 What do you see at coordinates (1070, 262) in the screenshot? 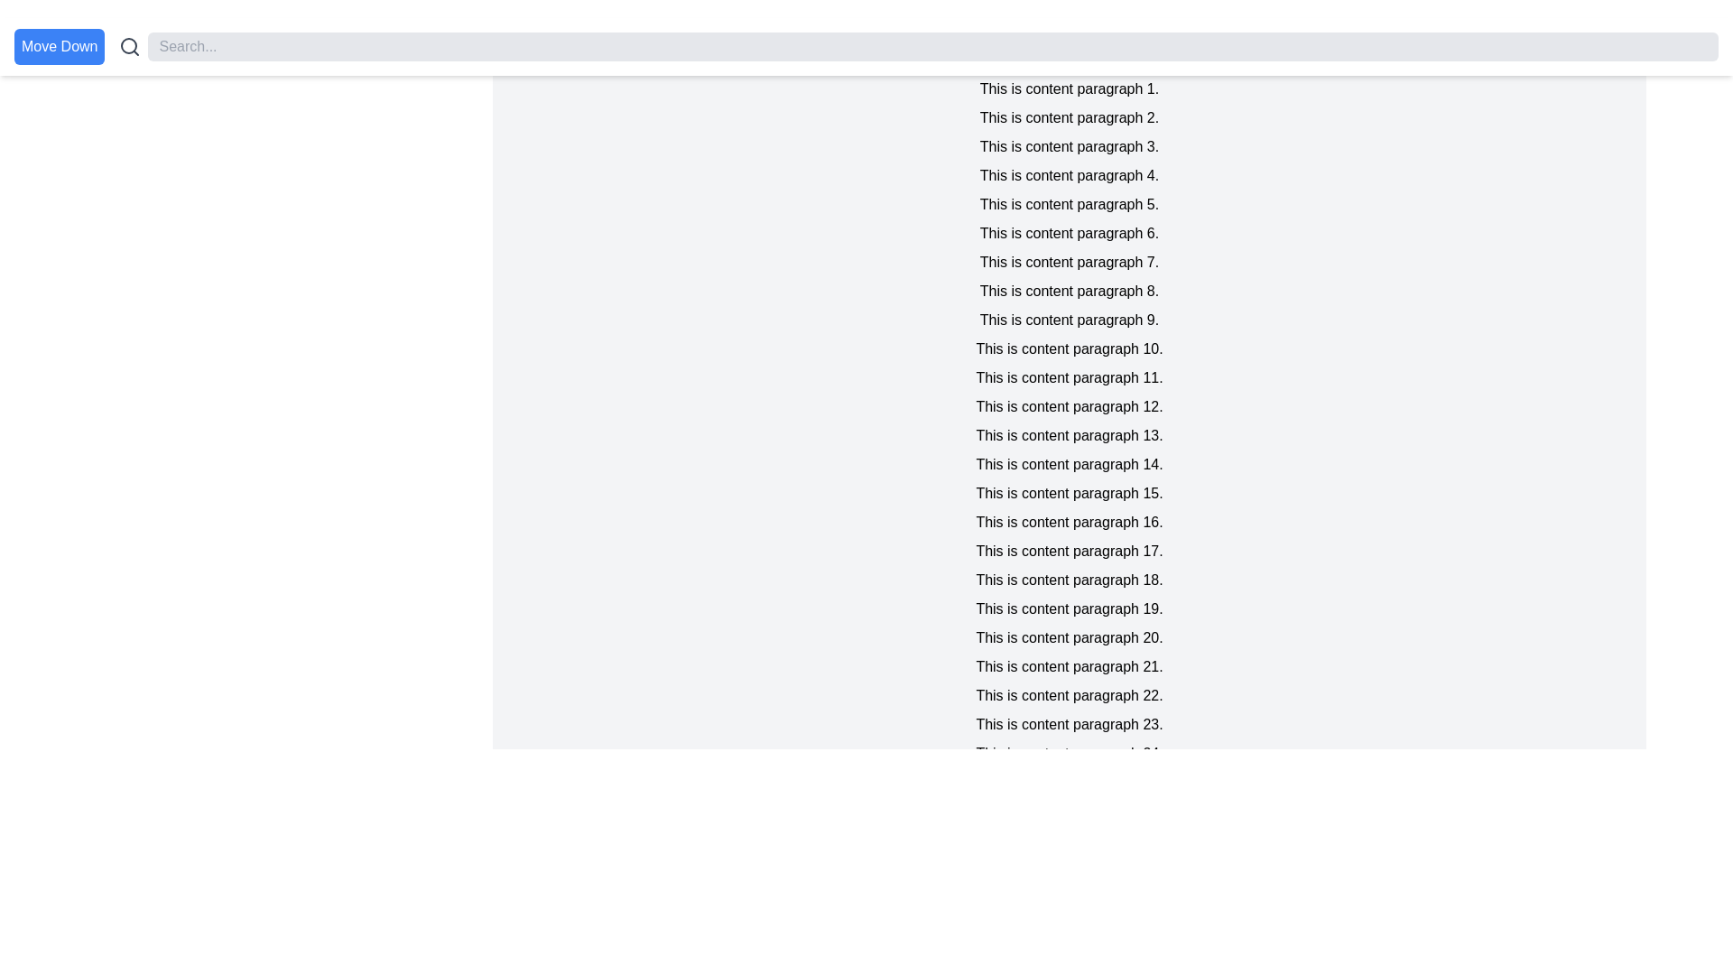
I see `text displayed in the seventh paragraph, which is 'This is content paragraph 7.'` at bounding box center [1070, 262].